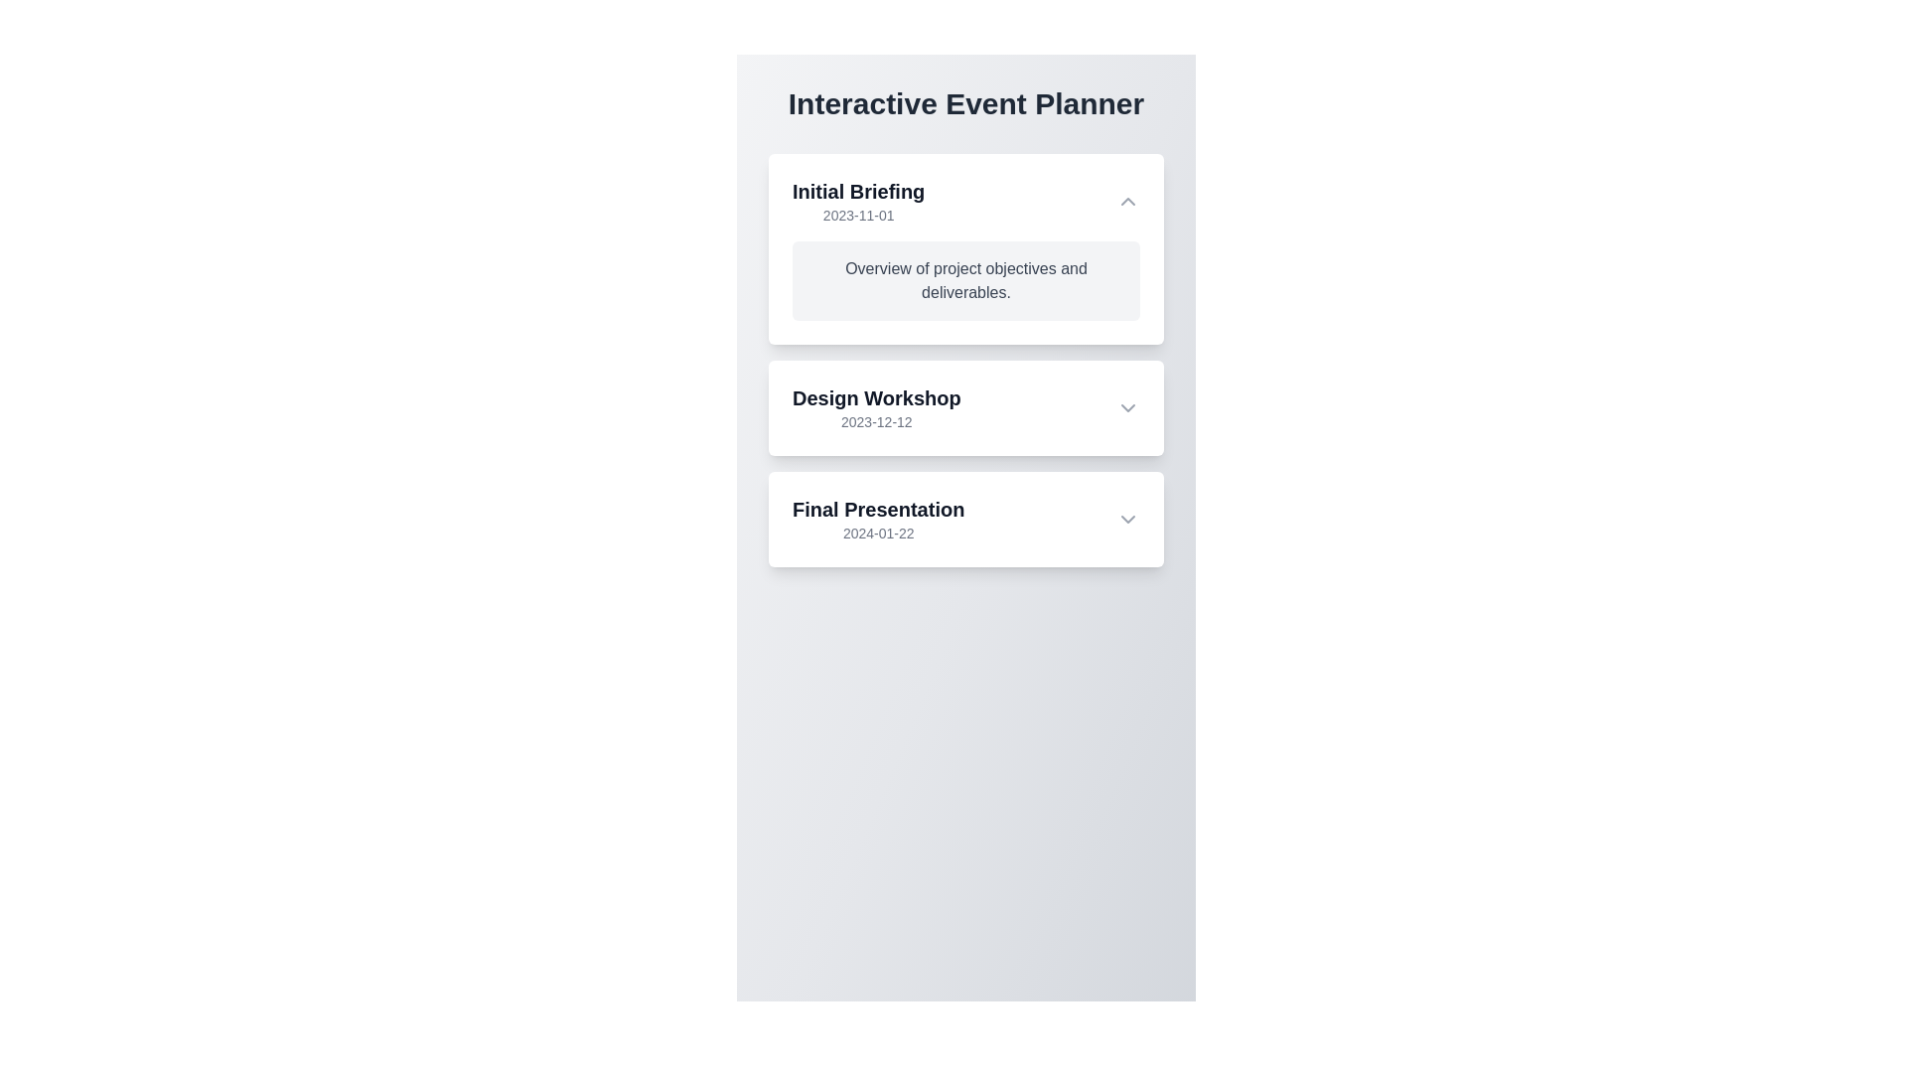  What do you see at coordinates (1128, 407) in the screenshot?
I see `the dropdown toggle or expander button located in the top-right corner of the 'Design Workshop' card` at bounding box center [1128, 407].